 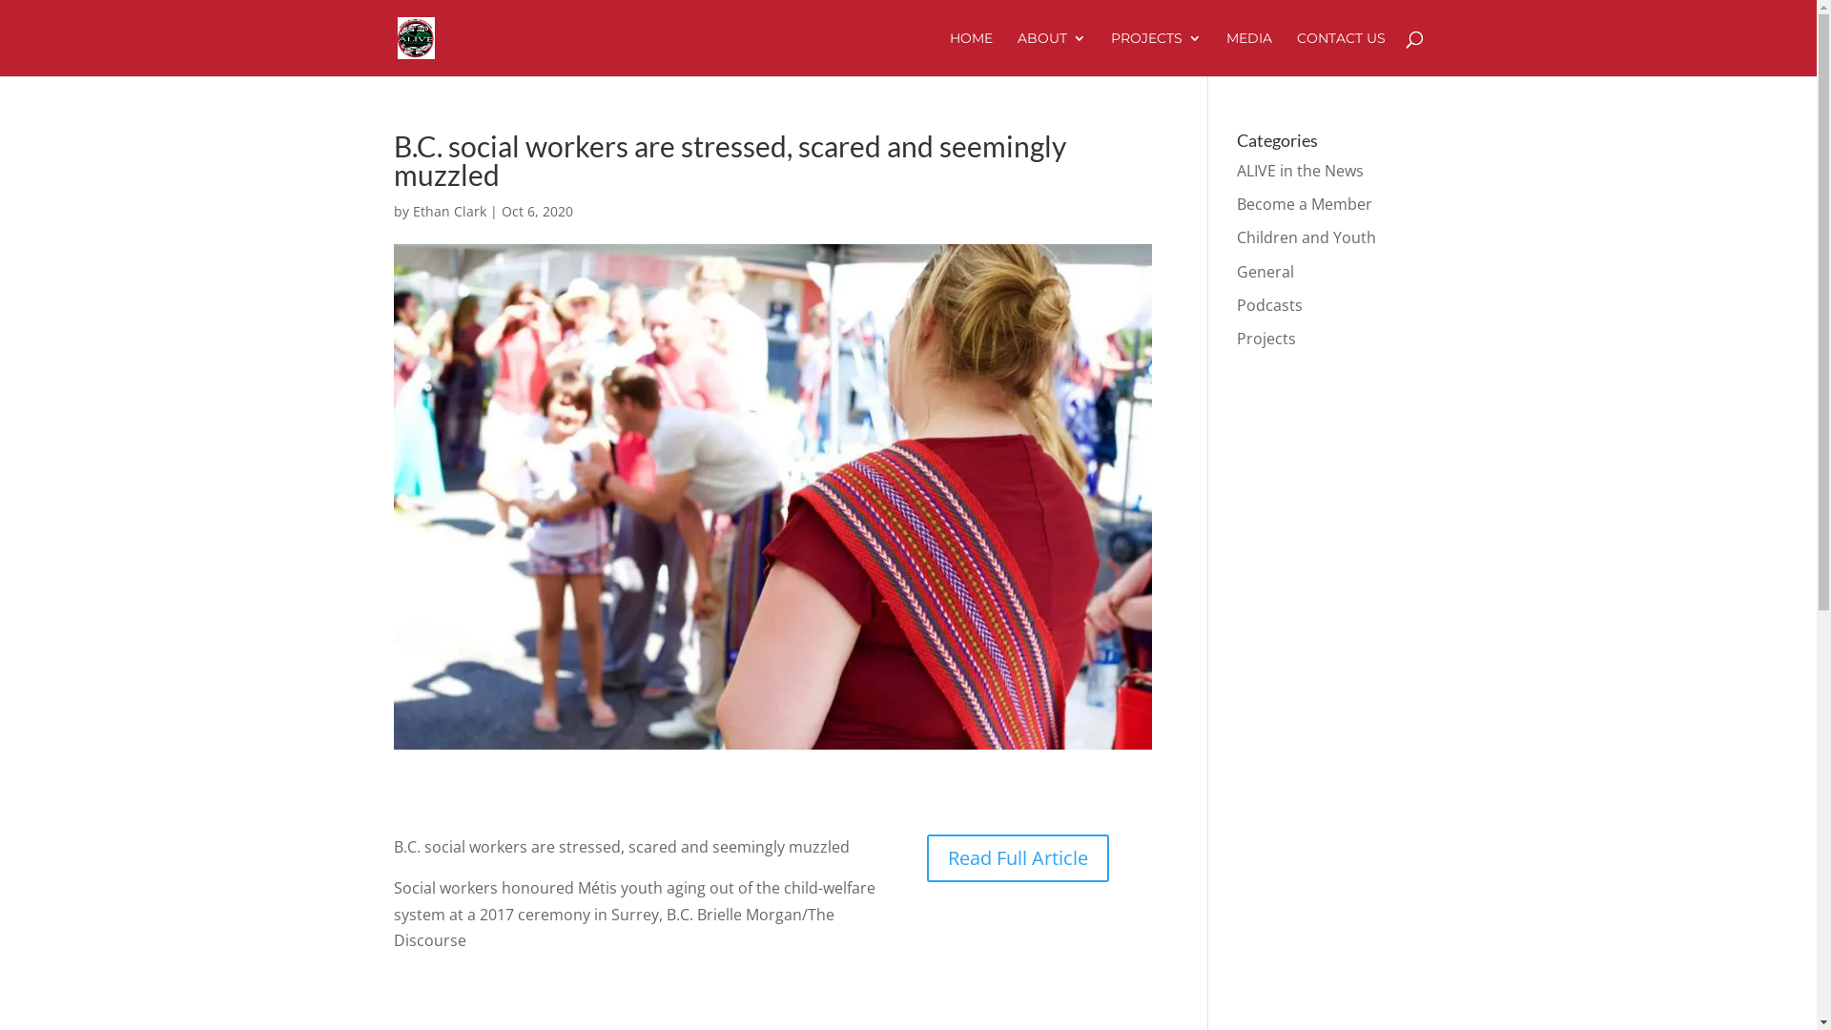 What do you see at coordinates (1305, 237) in the screenshot?
I see `'Children and Youth'` at bounding box center [1305, 237].